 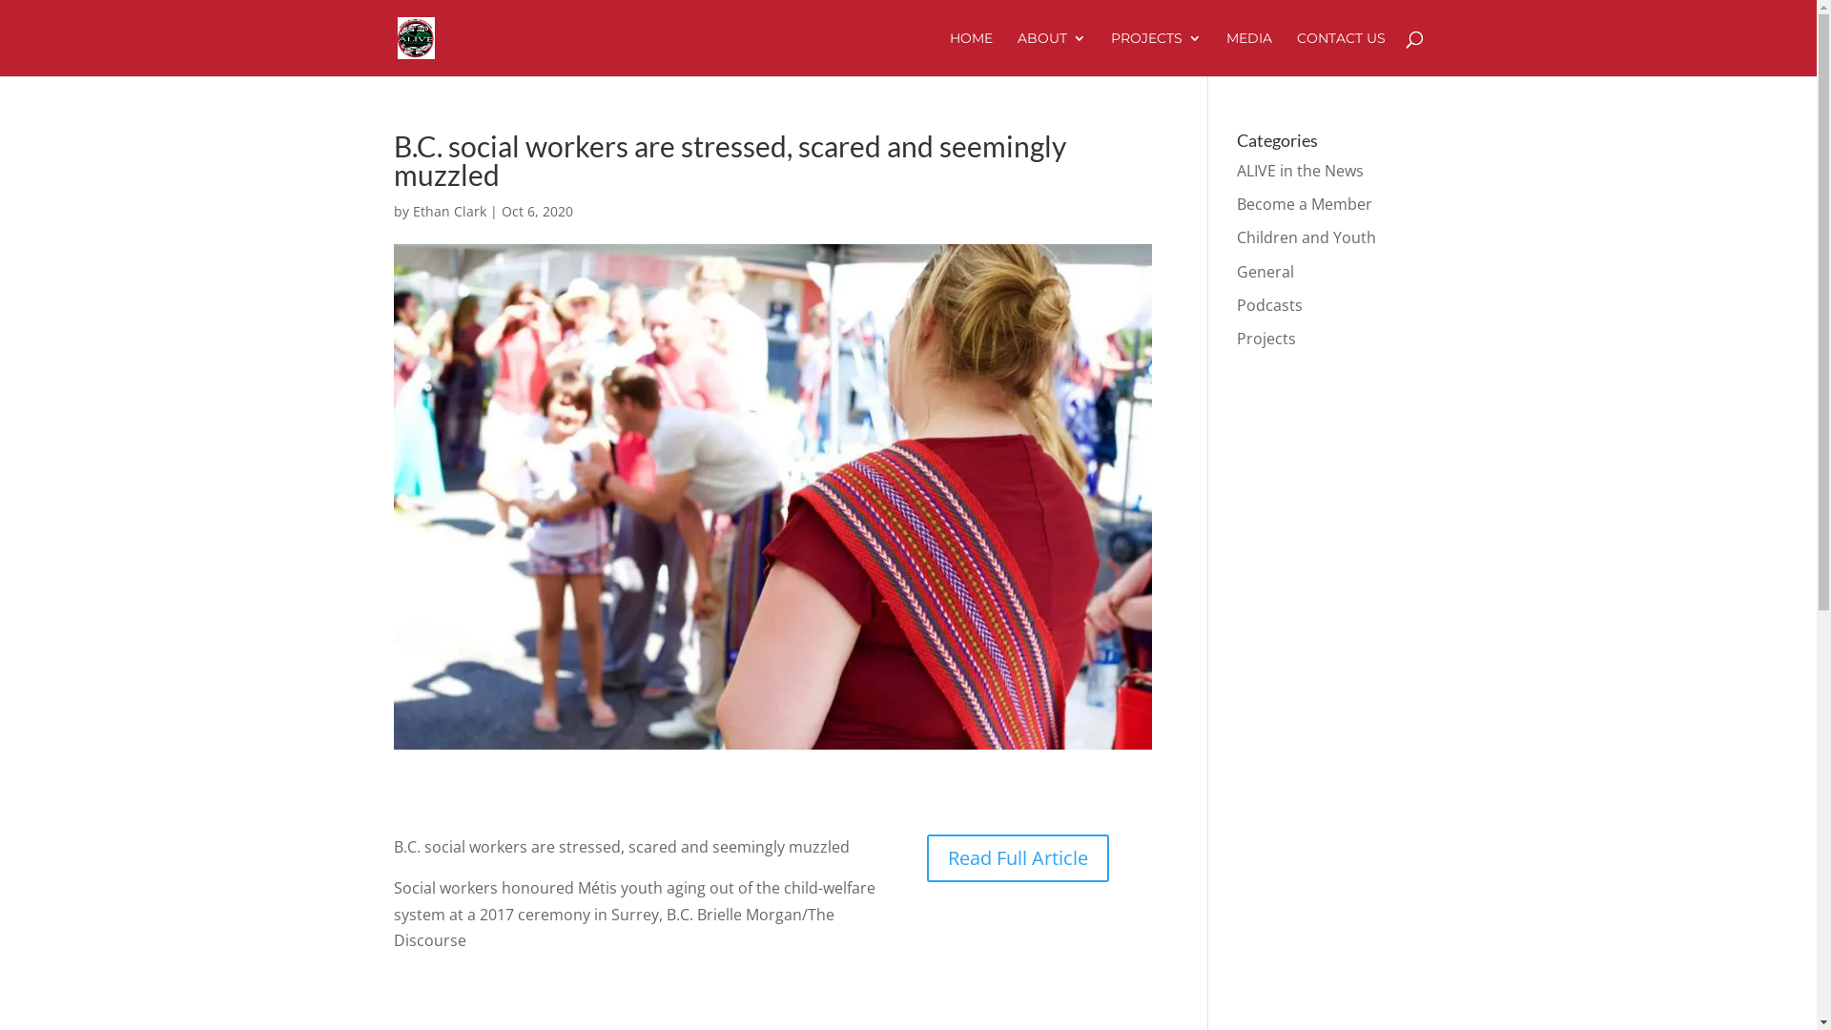 What do you see at coordinates (1305, 237) in the screenshot?
I see `'Children and Youth'` at bounding box center [1305, 237].